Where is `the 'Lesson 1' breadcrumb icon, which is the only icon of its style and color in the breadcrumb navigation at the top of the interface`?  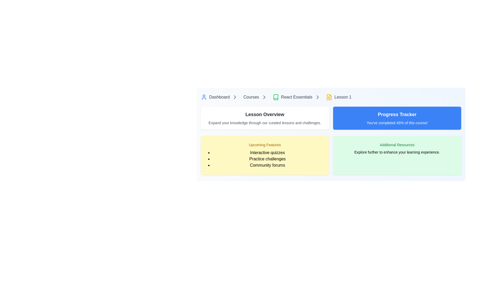
the 'Lesson 1' breadcrumb icon, which is the only icon of its style and color in the breadcrumb navigation at the top of the interface is located at coordinates (329, 97).